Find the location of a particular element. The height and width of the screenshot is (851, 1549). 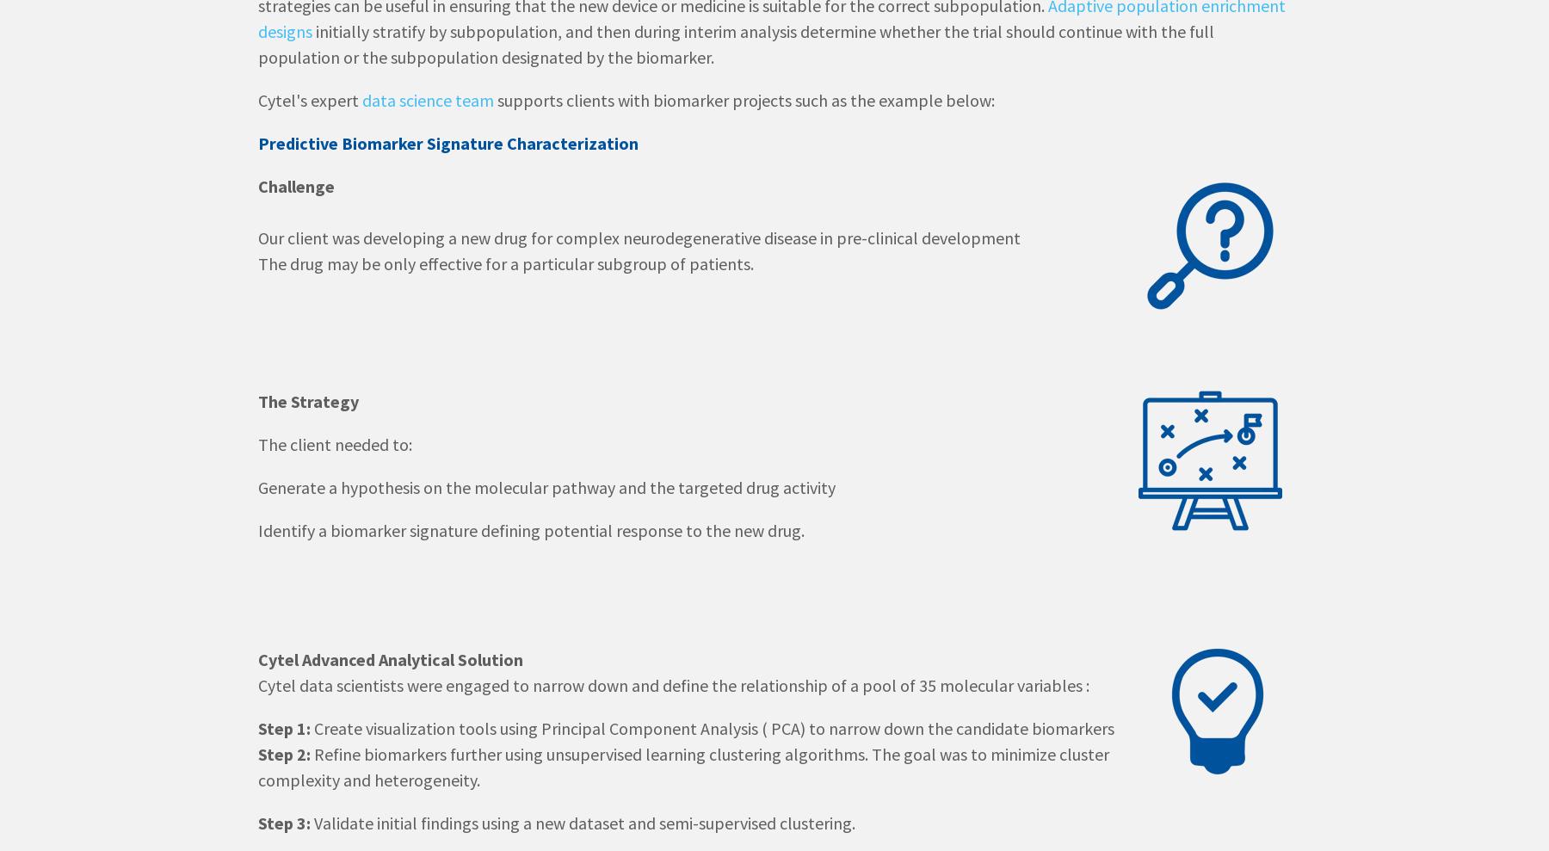

'The drug may be only effective for a particular subgroup of patients.' is located at coordinates (506, 263).